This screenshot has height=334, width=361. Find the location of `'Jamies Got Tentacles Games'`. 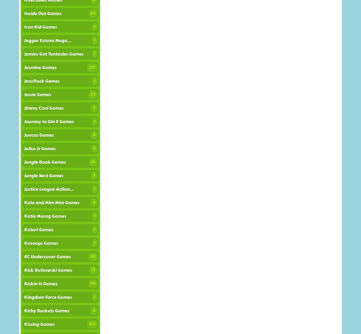

'Jamies Got Tentacles Games' is located at coordinates (53, 54).